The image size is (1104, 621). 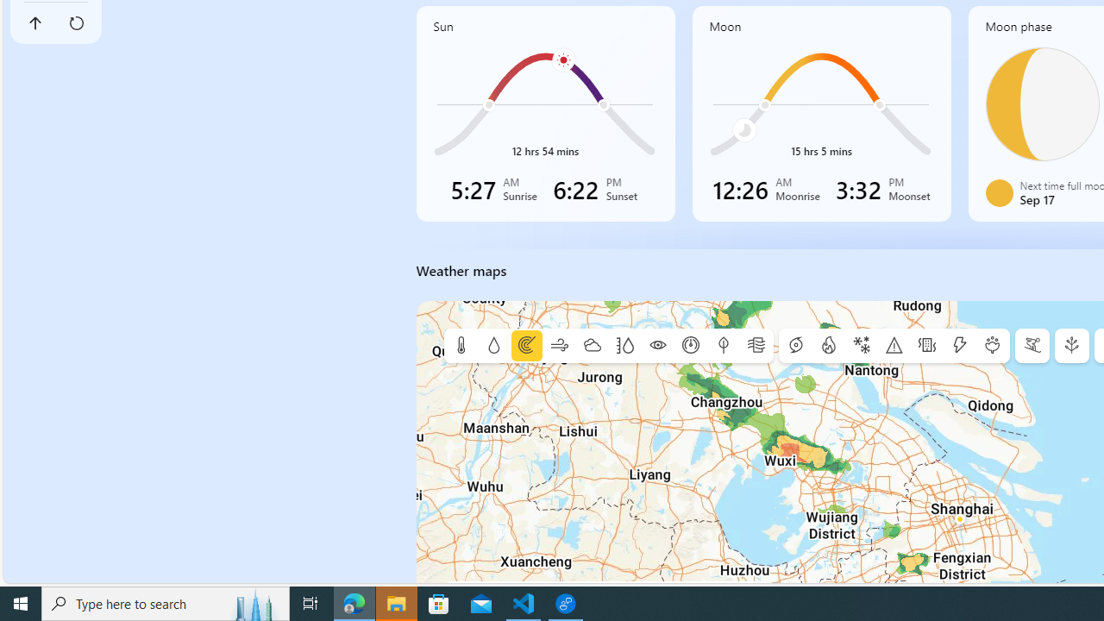 I want to click on 'Refresh this page', so click(x=76, y=23).